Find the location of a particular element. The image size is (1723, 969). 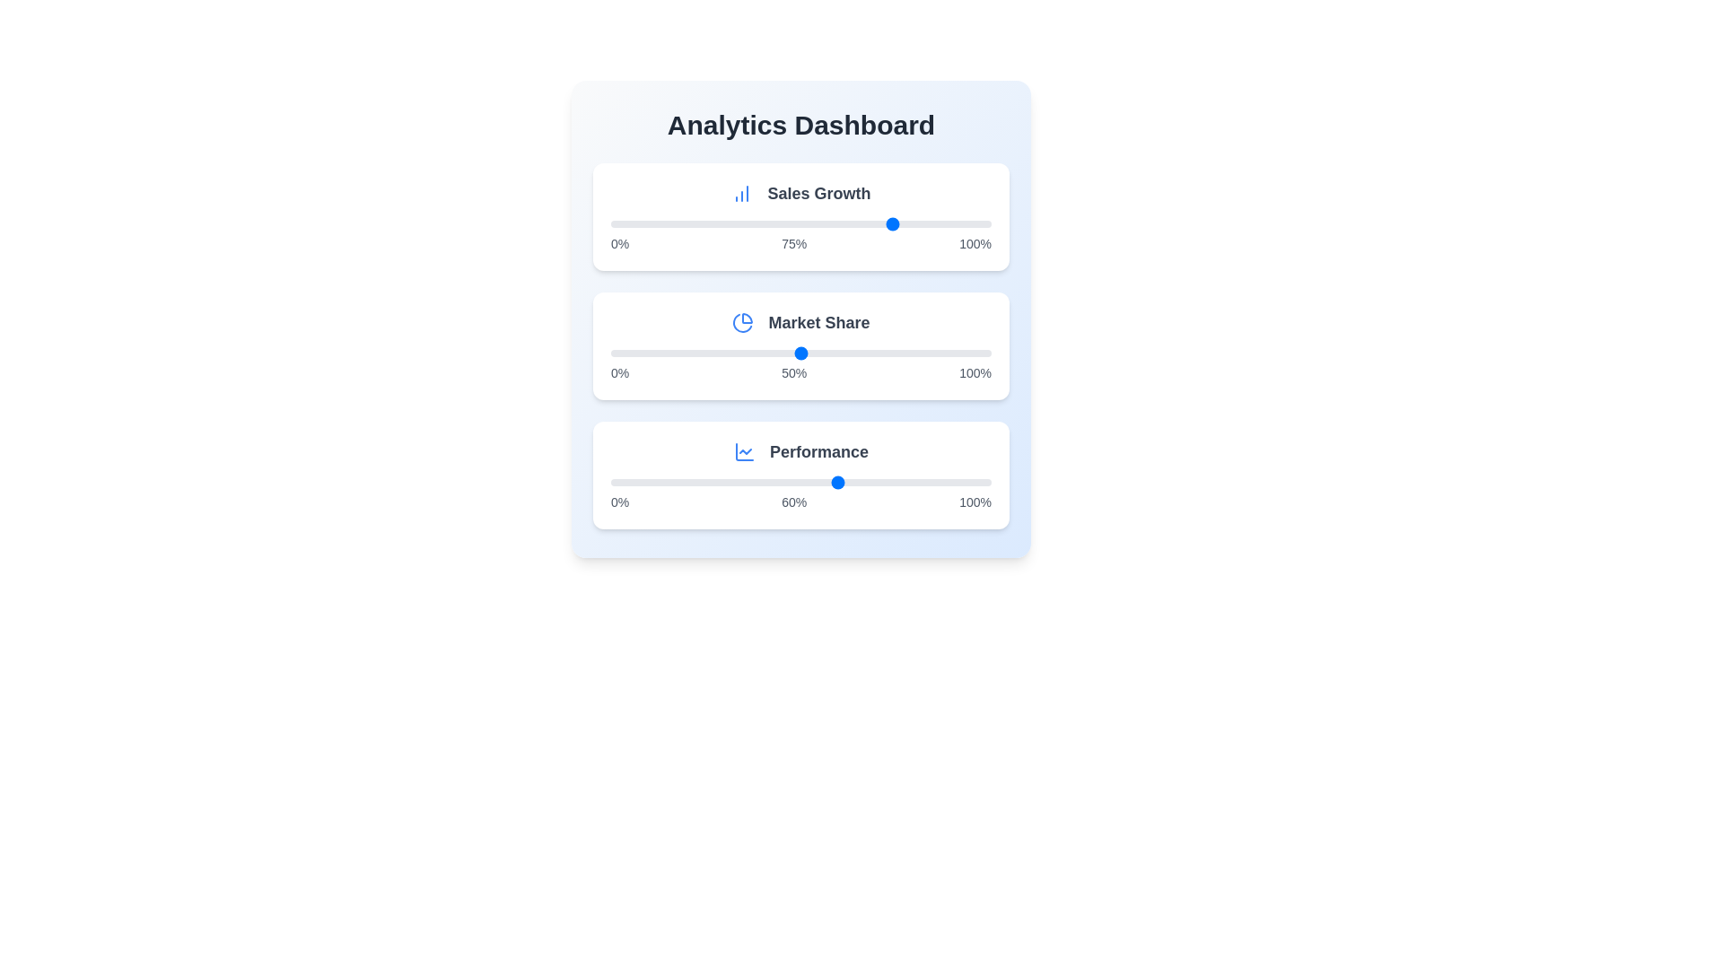

the 'Sales Growth' slider to 23% is located at coordinates (697, 223).